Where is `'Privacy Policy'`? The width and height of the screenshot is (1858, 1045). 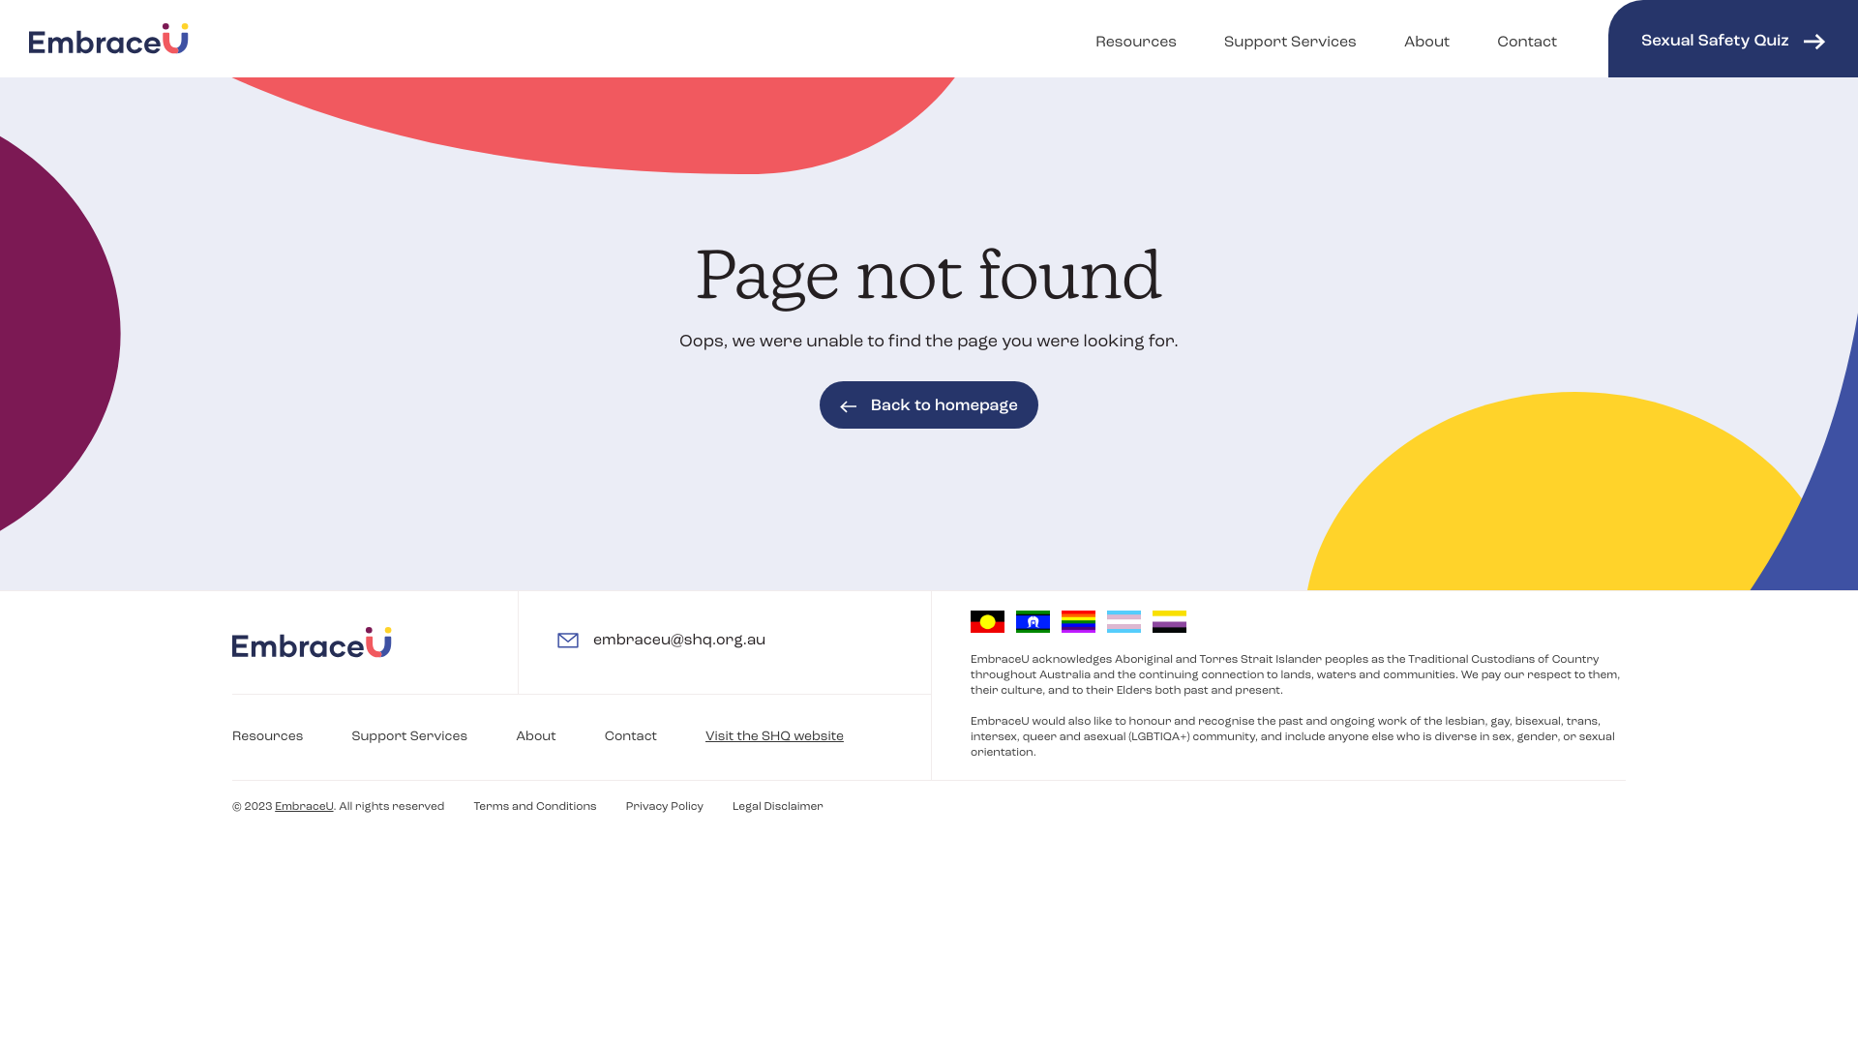 'Privacy Policy' is located at coordinates (664, 806).